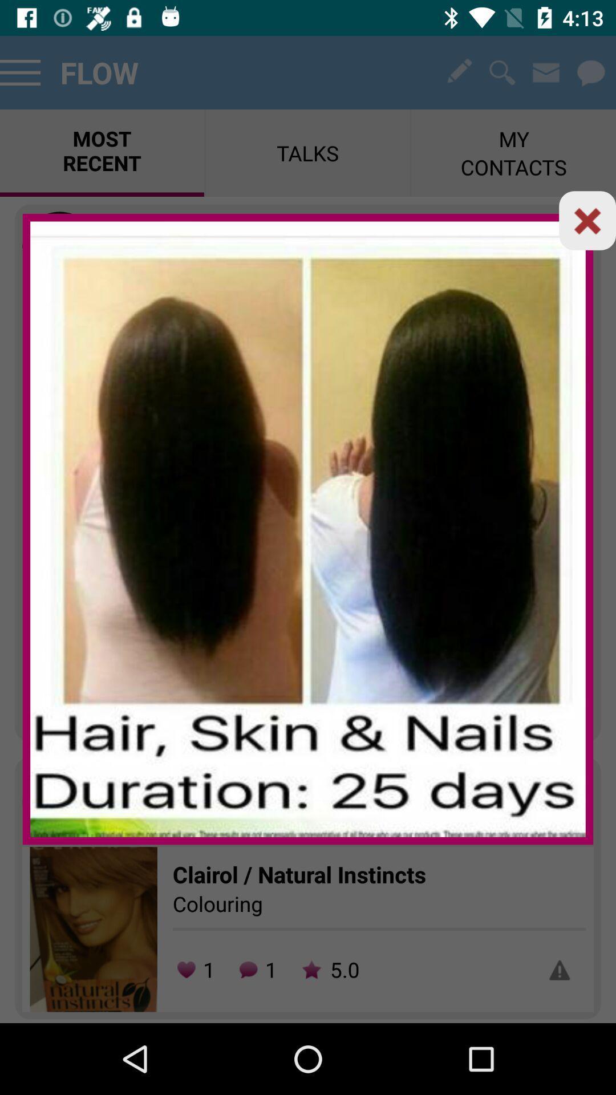 This screenshot has width=616, height=1095. What do you see at coordinates (590, 72) in the screenshot?
I see `the chat icon` at bounding box center [590, 72].